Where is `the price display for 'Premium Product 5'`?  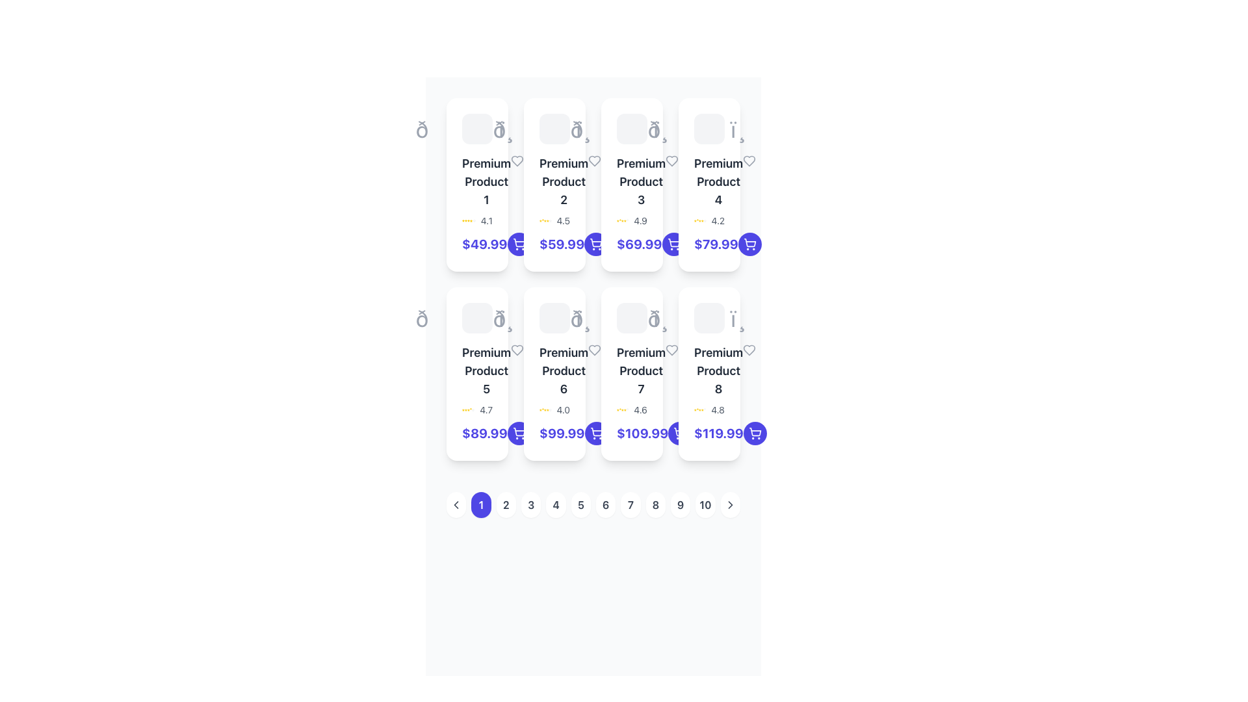
the price display for 'Premium Product 5' is located at coordinates (484, 434).